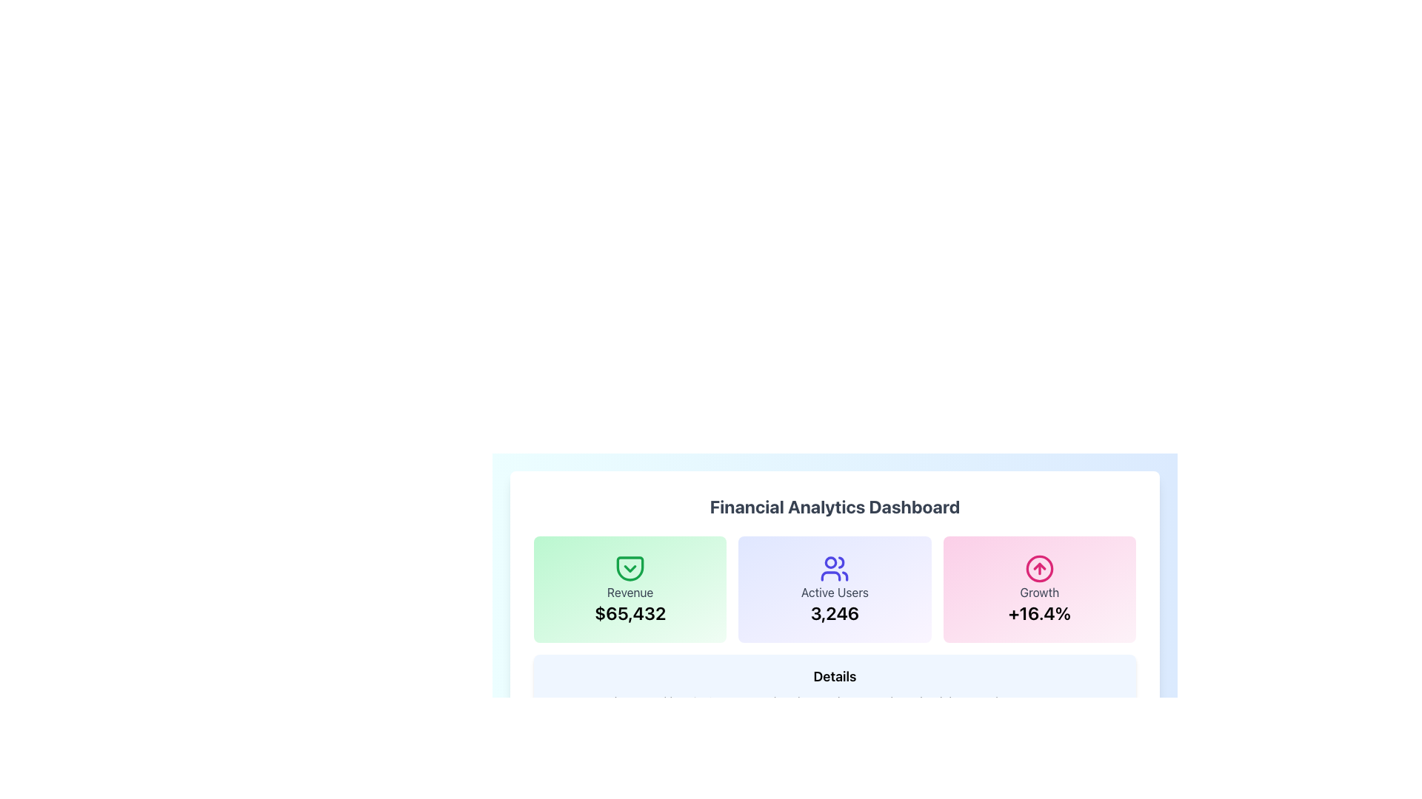  I want to click on the Informative Box labeled 'Active Users' which displays the numeric value '3,246', so click(835, 630).